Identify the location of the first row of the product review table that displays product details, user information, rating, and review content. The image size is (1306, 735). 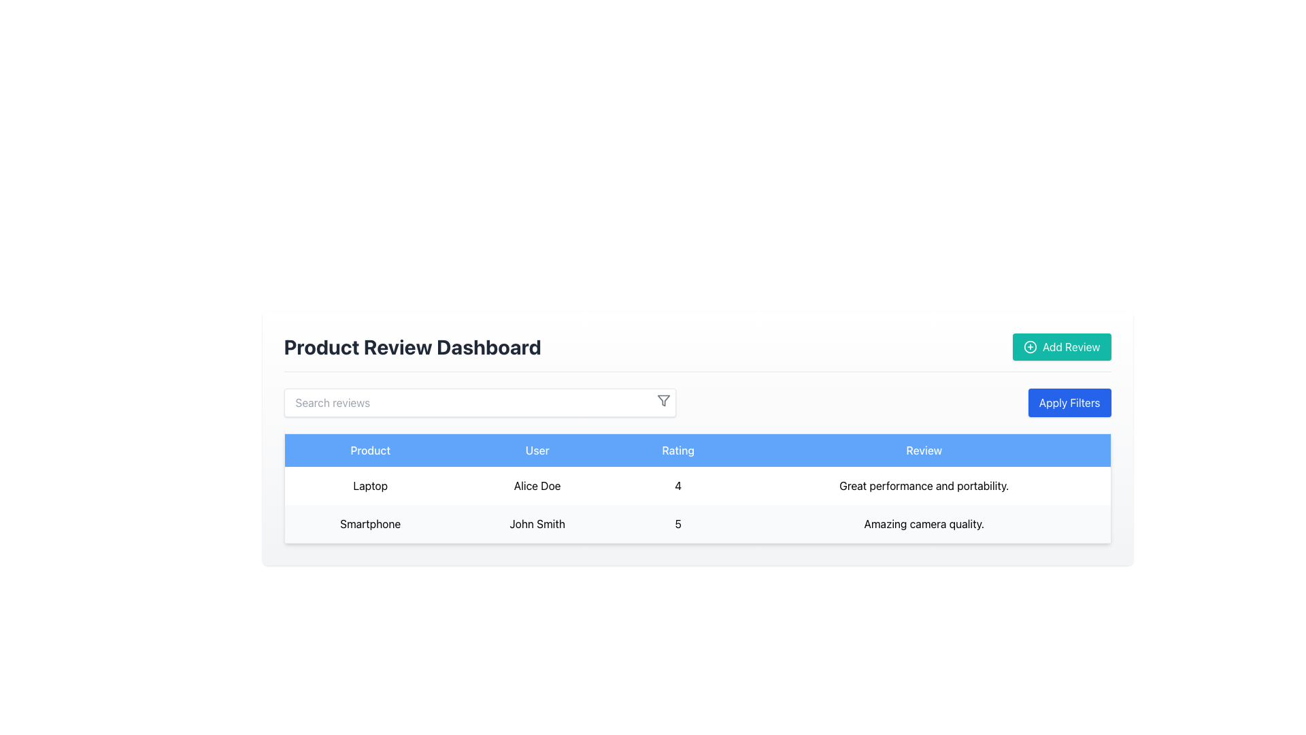
(697, 485).